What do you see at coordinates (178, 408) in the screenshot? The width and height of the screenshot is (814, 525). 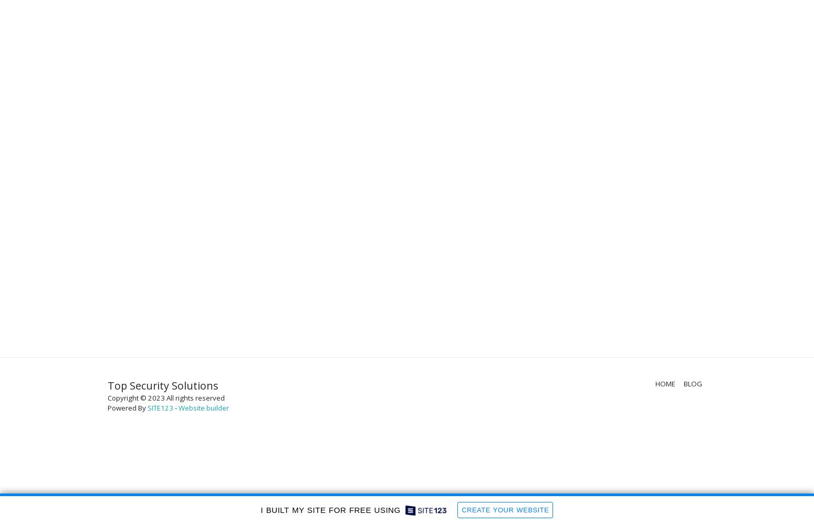 I see `'Website builder'` at bounding box center [178, 408].